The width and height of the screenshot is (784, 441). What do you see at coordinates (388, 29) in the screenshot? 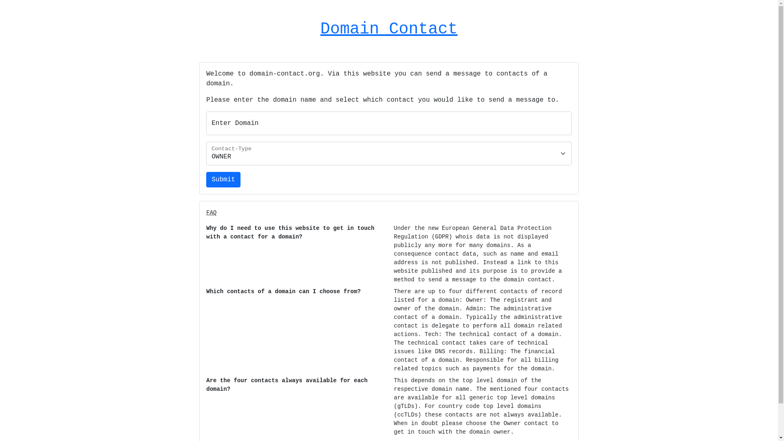
I see `'Domain Contact'` at bounding box center [388, 29].